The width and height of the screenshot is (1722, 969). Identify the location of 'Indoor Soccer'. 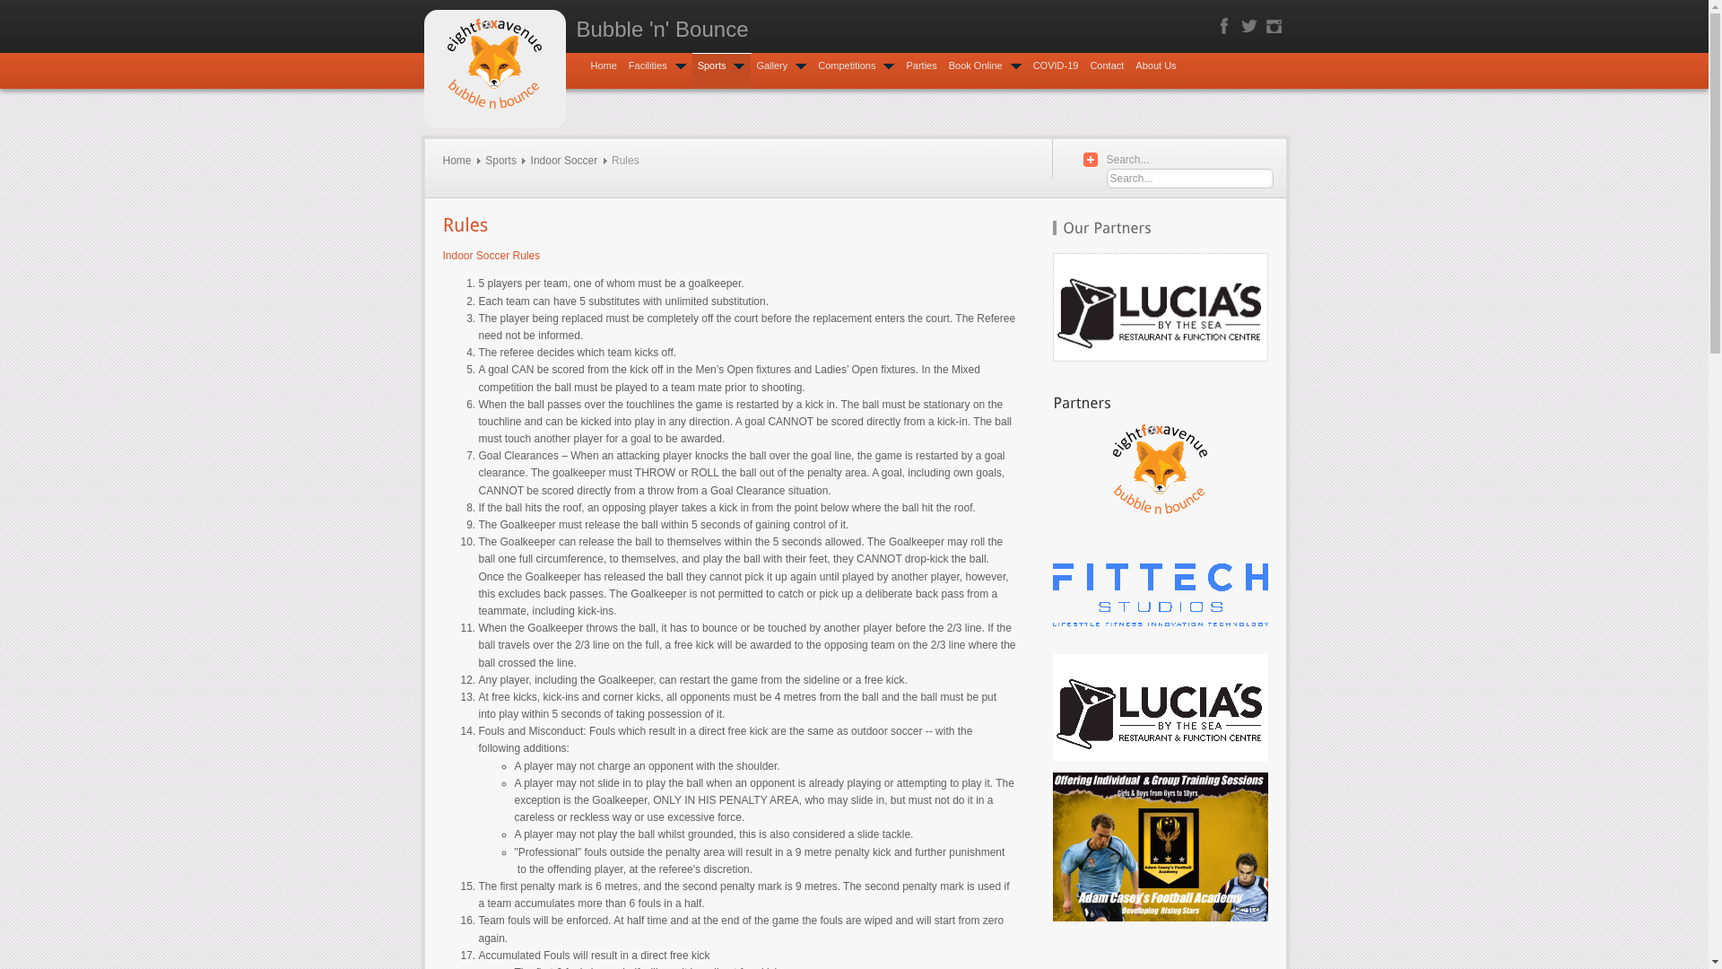
(563, 159).